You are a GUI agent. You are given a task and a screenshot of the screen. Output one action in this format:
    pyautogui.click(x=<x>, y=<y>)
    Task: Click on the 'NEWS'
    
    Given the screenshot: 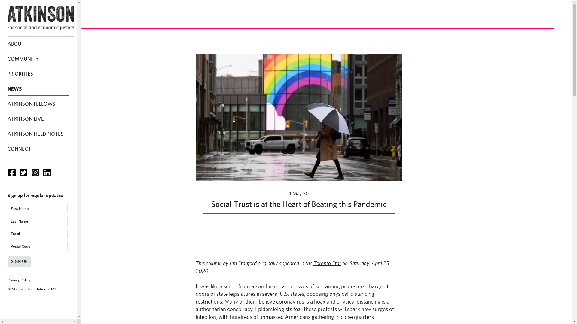 What is the action you would take?
    pyautogui.click(x=38, y=89)
    